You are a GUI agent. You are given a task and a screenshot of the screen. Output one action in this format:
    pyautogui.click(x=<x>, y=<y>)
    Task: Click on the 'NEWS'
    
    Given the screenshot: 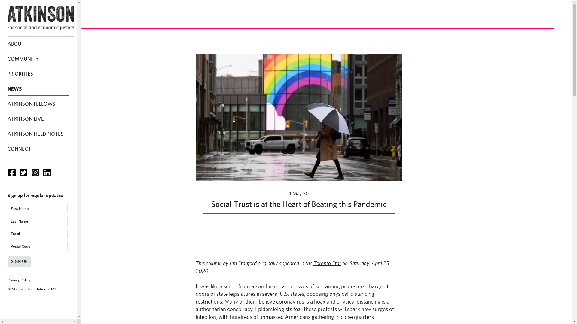 What is the action you would take?
    pyautogui.click(x=38, y=89)
    